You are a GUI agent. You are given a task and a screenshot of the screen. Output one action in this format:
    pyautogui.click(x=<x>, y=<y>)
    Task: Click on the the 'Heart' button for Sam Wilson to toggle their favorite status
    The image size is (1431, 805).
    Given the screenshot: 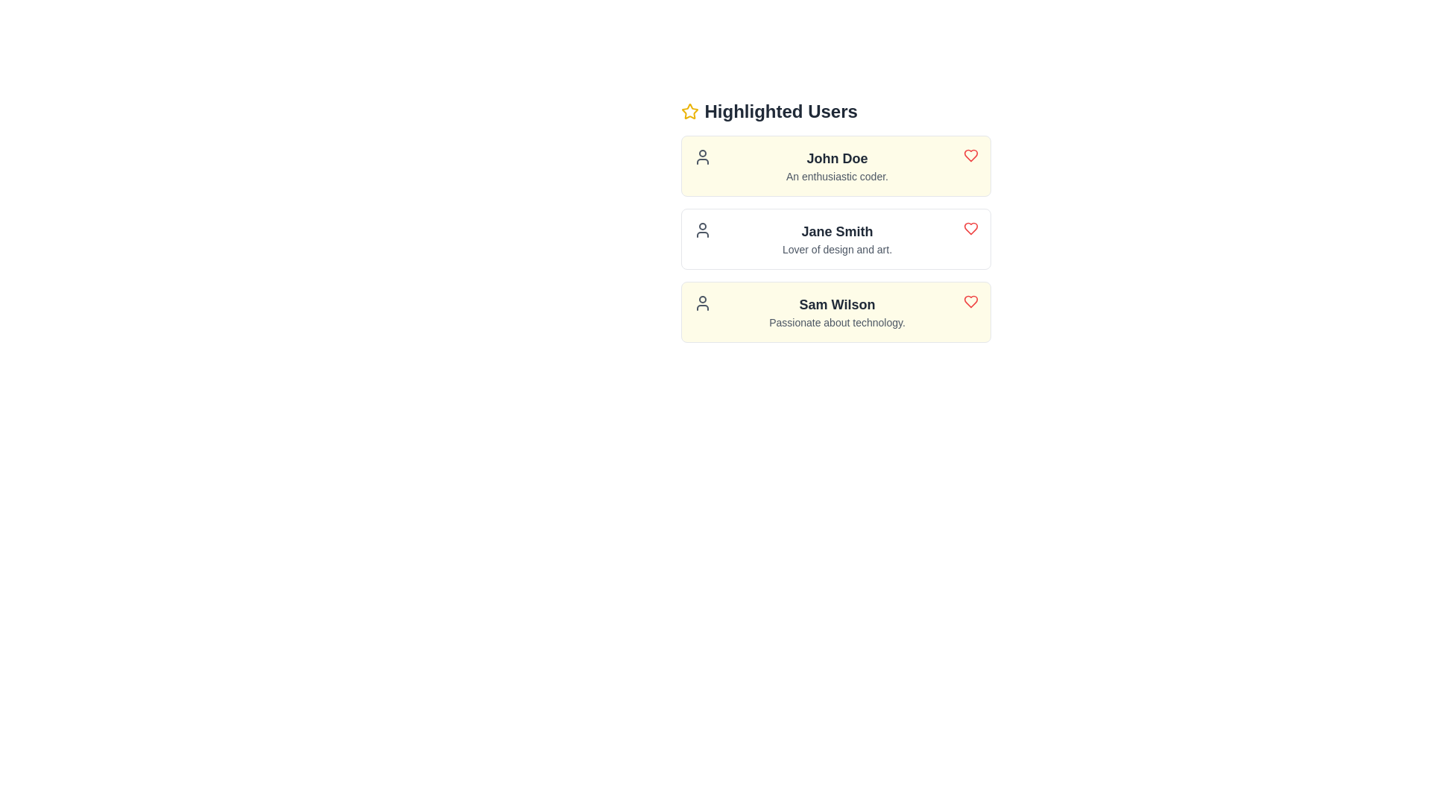 What is the action you would take?
    pyautogui.click(x=970, y=302)
    